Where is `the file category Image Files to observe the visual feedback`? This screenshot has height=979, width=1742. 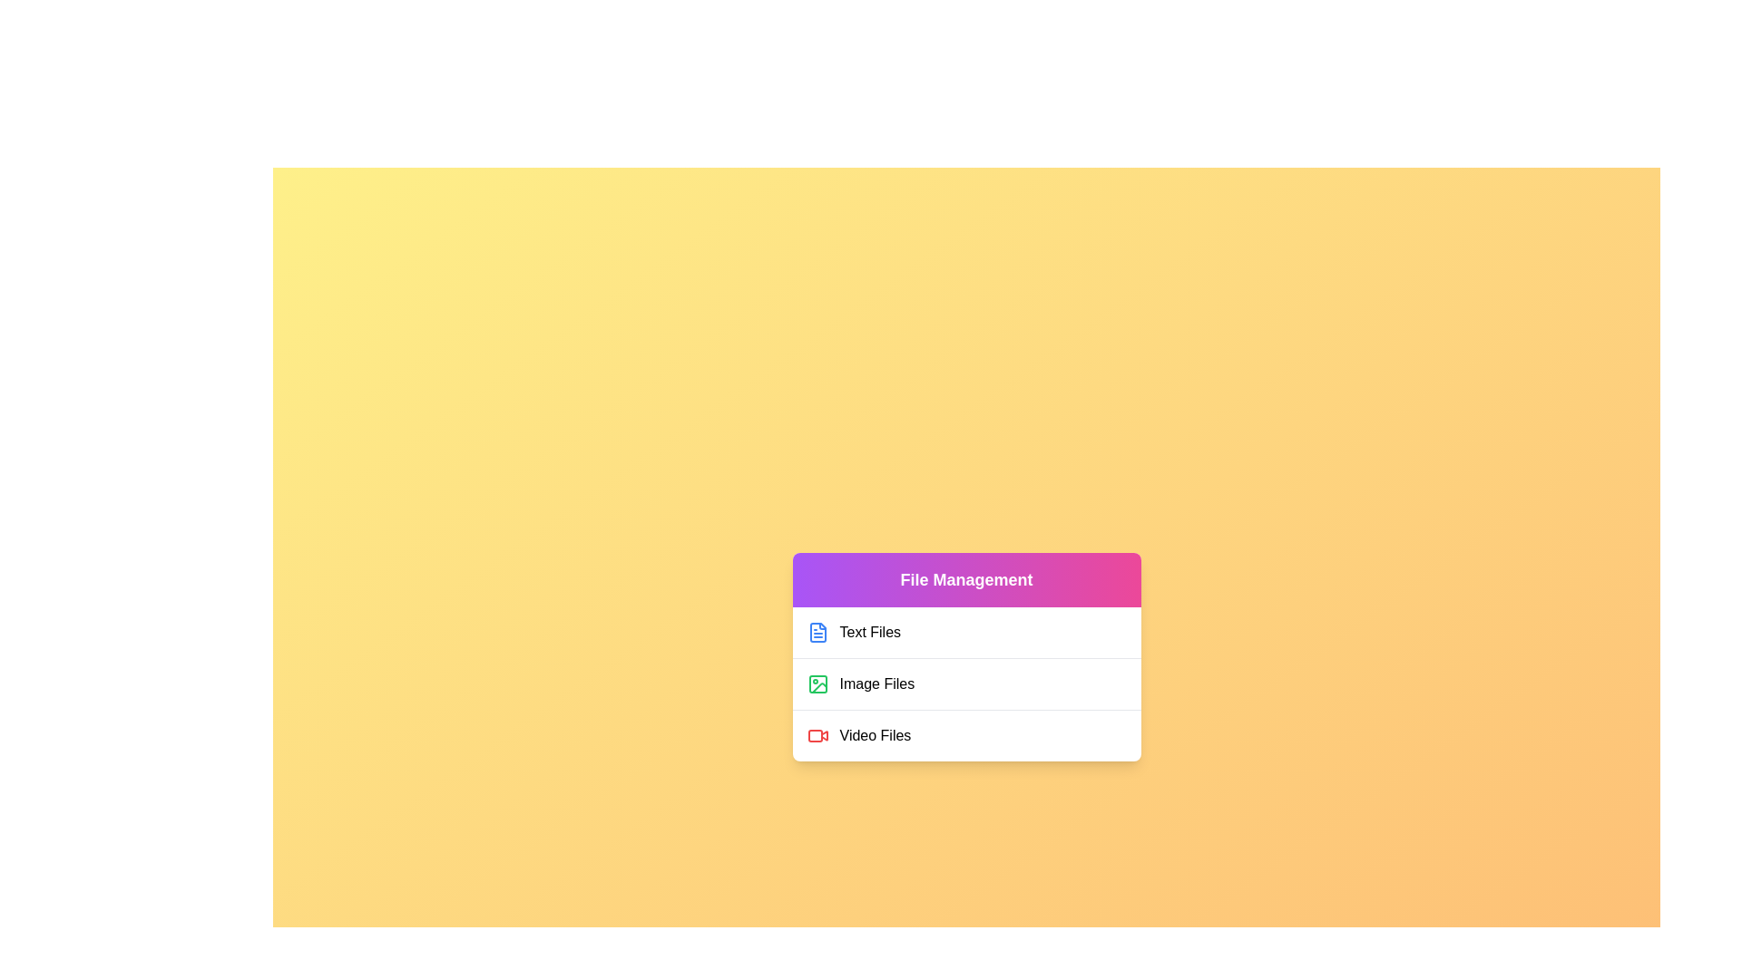 the file category Image Files to observe the visual feedback is located at coordinates (965, 683).